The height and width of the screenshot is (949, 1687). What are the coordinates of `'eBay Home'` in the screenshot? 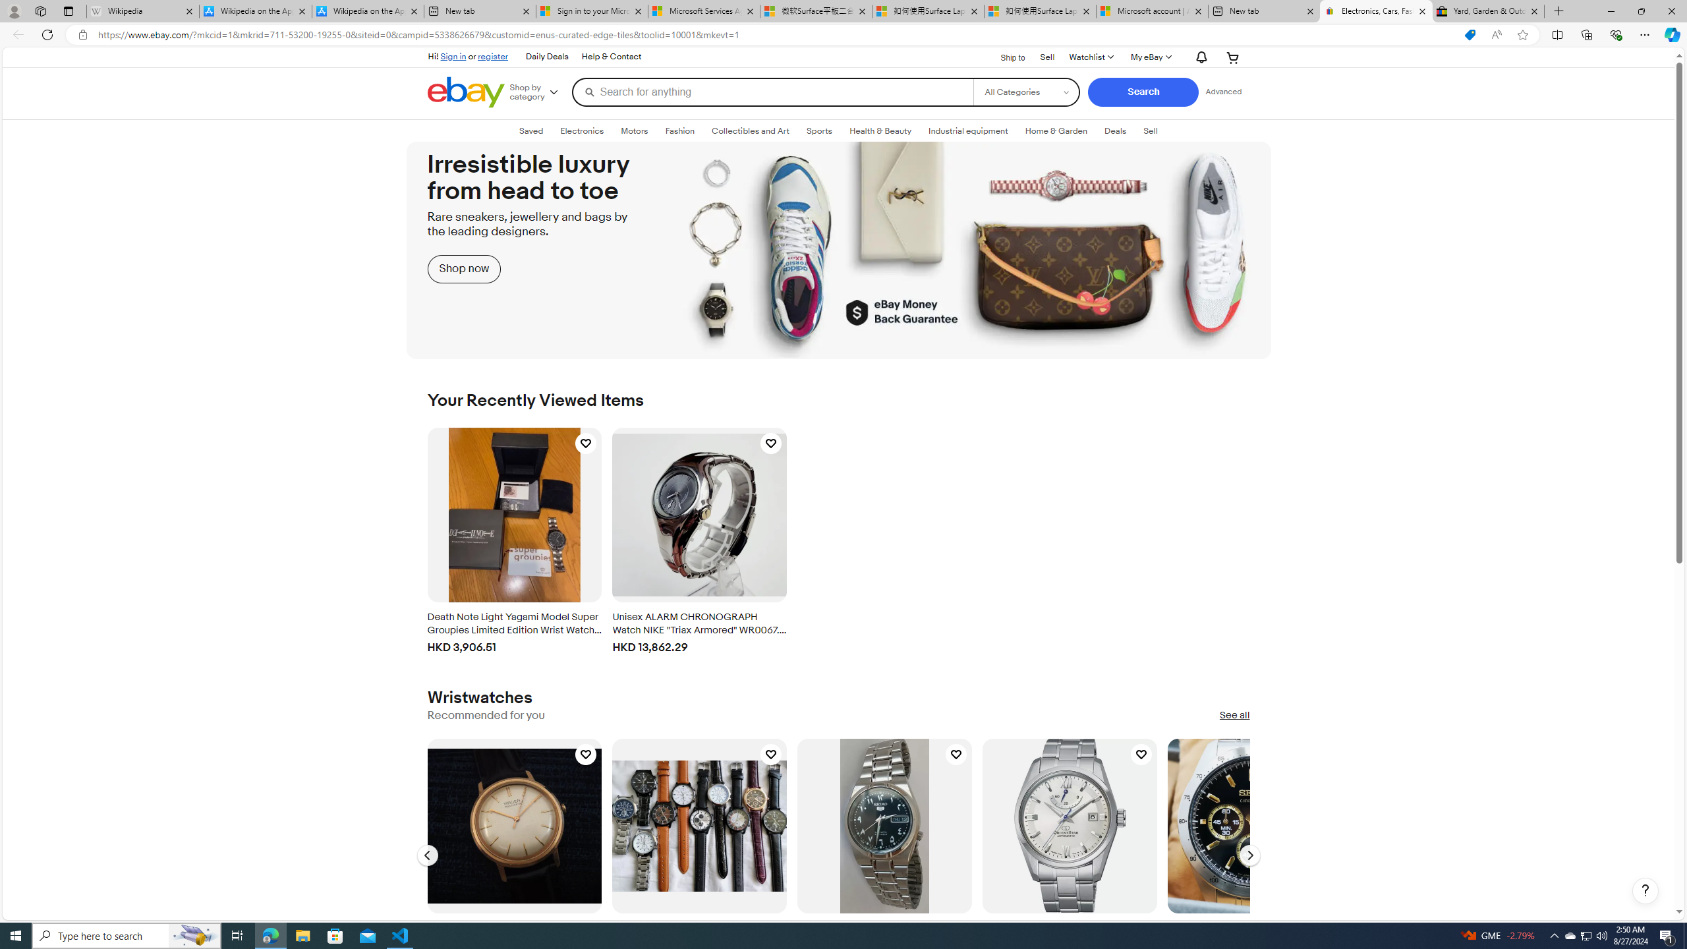 It's located at (465, 92).